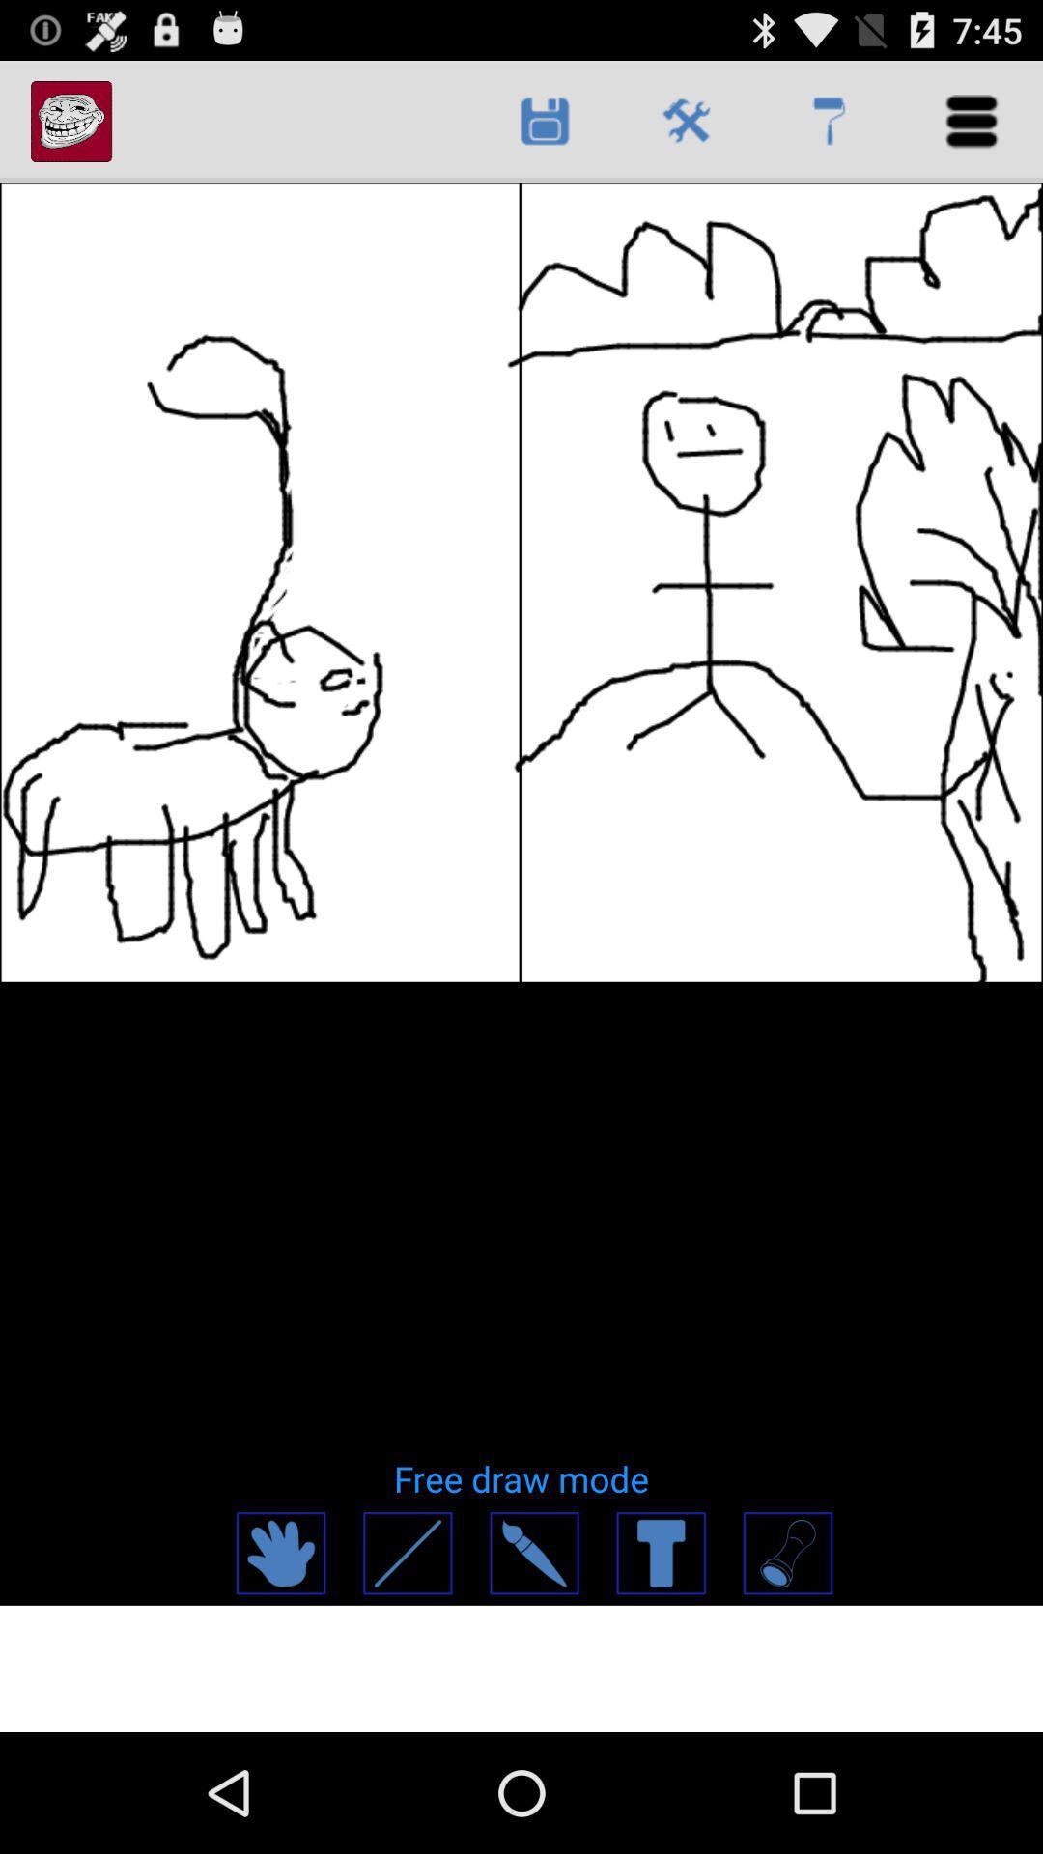 The width and height of the screenshot is (1043, 1854). What do you see at coordinates (659, 1553) in the screenshot?
I see `text` at bounding box center [659, 1553].